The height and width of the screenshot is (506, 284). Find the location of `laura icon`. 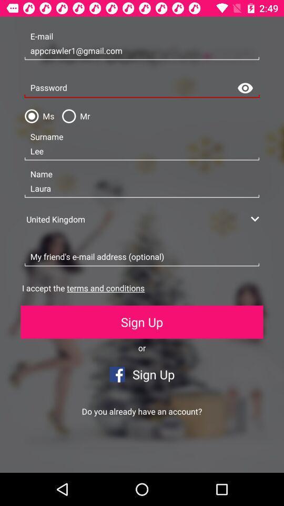

laura icon is located at coordinates (142, 189).